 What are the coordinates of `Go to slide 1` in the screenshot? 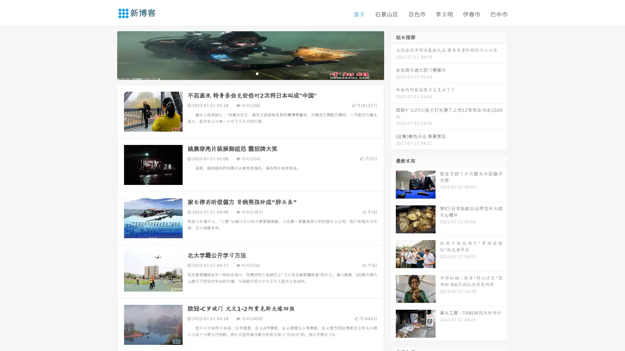 It's located at (243, 73).